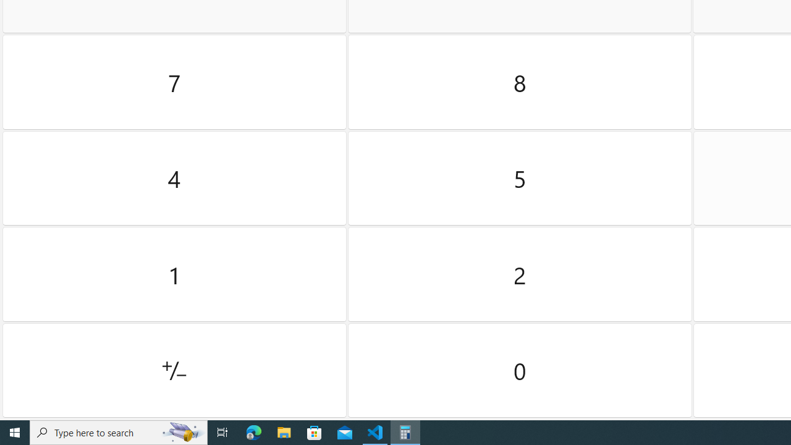  What do you see at coordinates (520, 370) in the screenshot?
I see `'Zero'` at bounding box center [520, 370].